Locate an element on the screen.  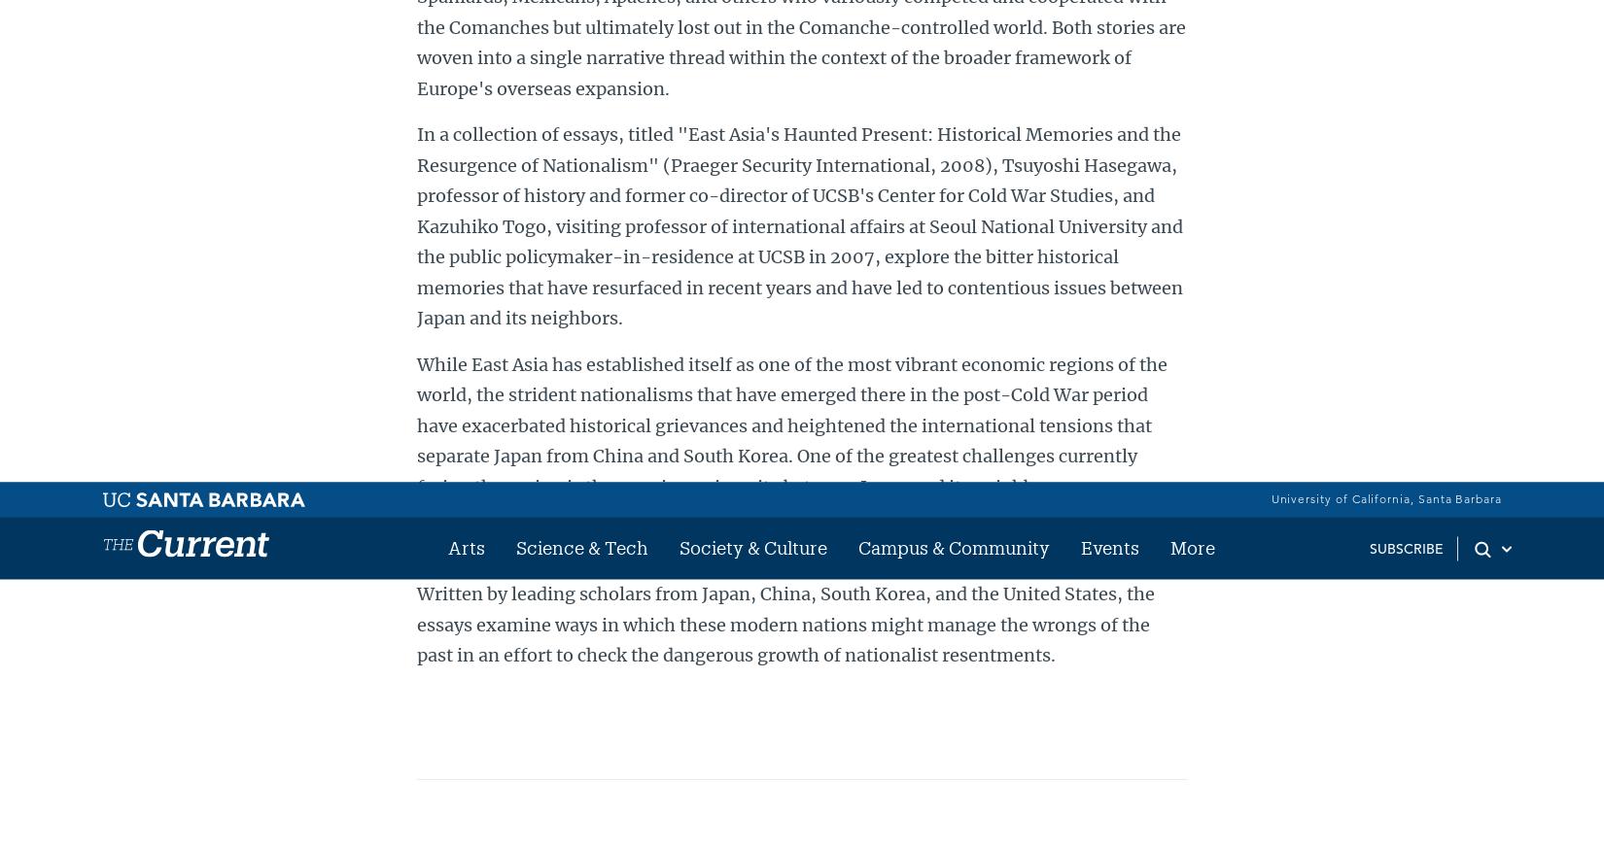
'Science & Tech' is located at coordinates (651, 121).